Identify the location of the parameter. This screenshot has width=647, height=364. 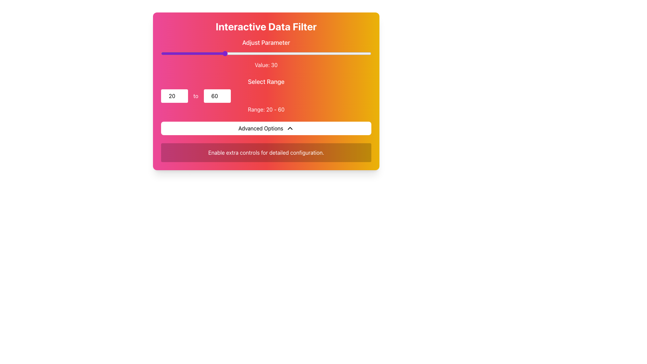
(316, 53).